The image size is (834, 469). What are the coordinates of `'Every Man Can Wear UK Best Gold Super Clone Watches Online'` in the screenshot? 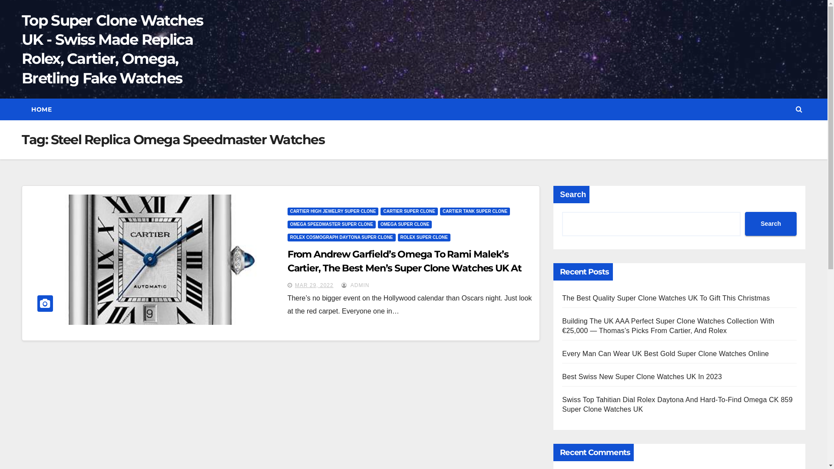 It's located at (665, 353).